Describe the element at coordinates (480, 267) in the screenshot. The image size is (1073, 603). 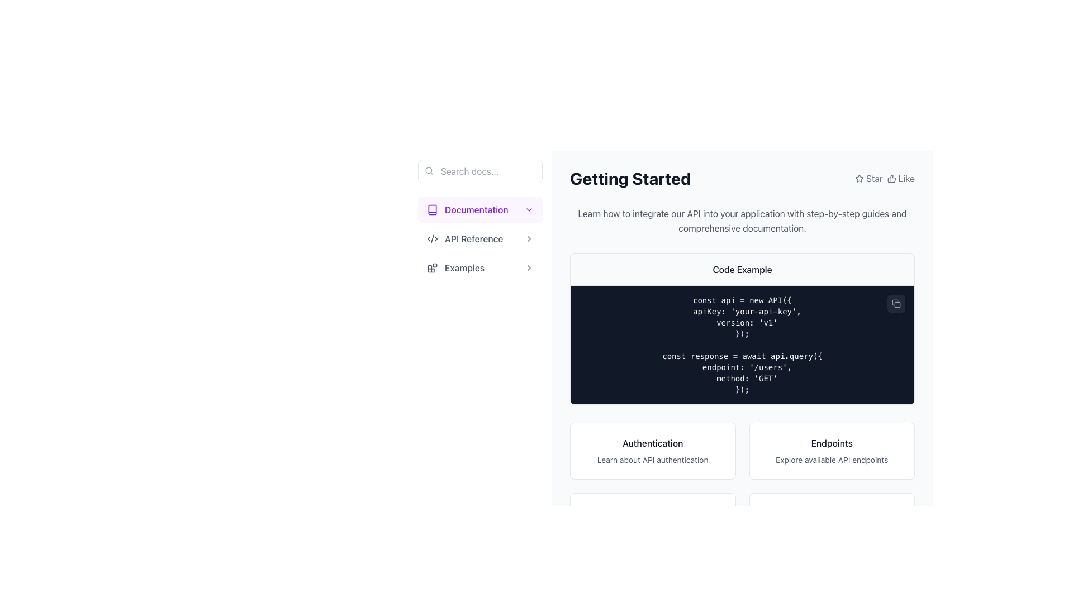
I see `the clickable menu item labeled 'Examples' in the navigation menu` at that location.